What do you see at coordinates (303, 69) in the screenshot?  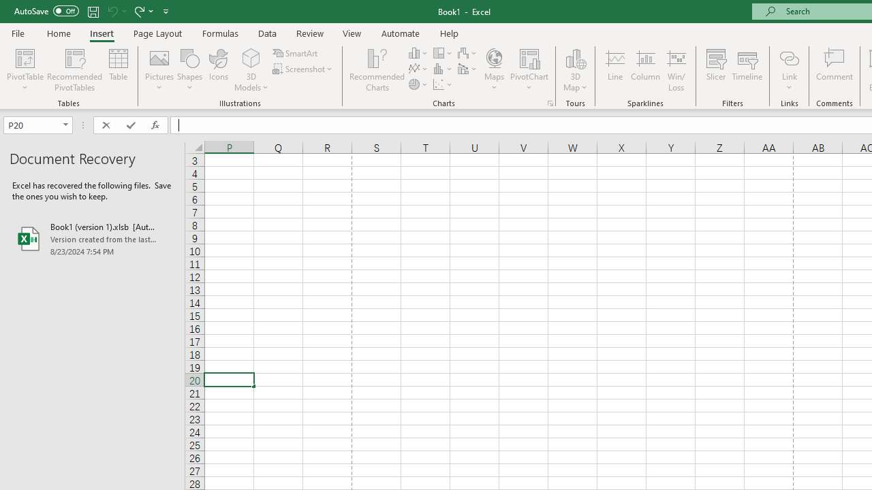 I see `'Screenshot'` at bounding box center [303, 69].